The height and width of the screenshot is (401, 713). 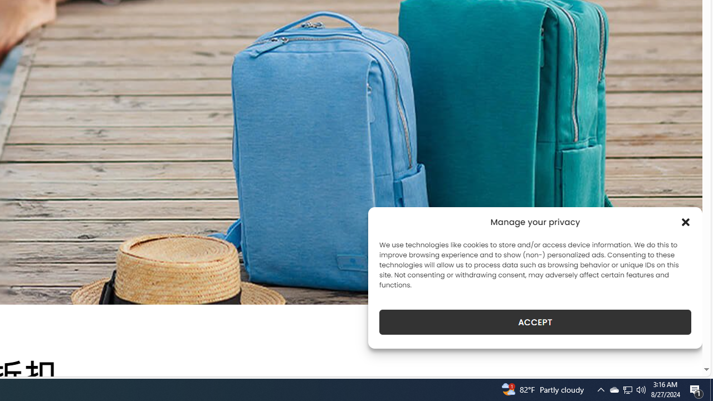 I want to click on 'Class: cmplz-close', so click(x=685, y=222).